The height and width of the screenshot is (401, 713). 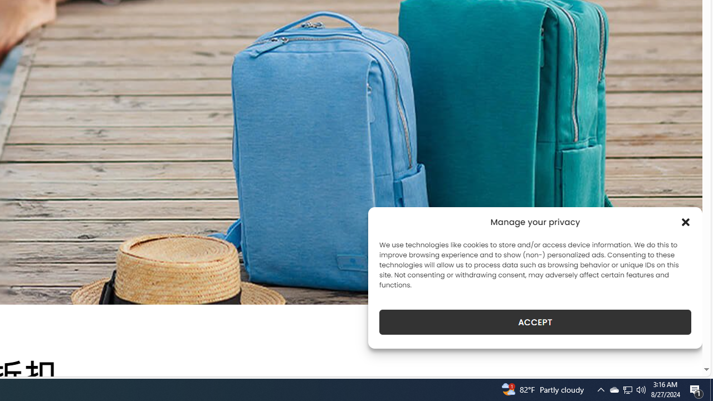 I want to click on 'Class: cmplz-close', so click(x=685, y=222).